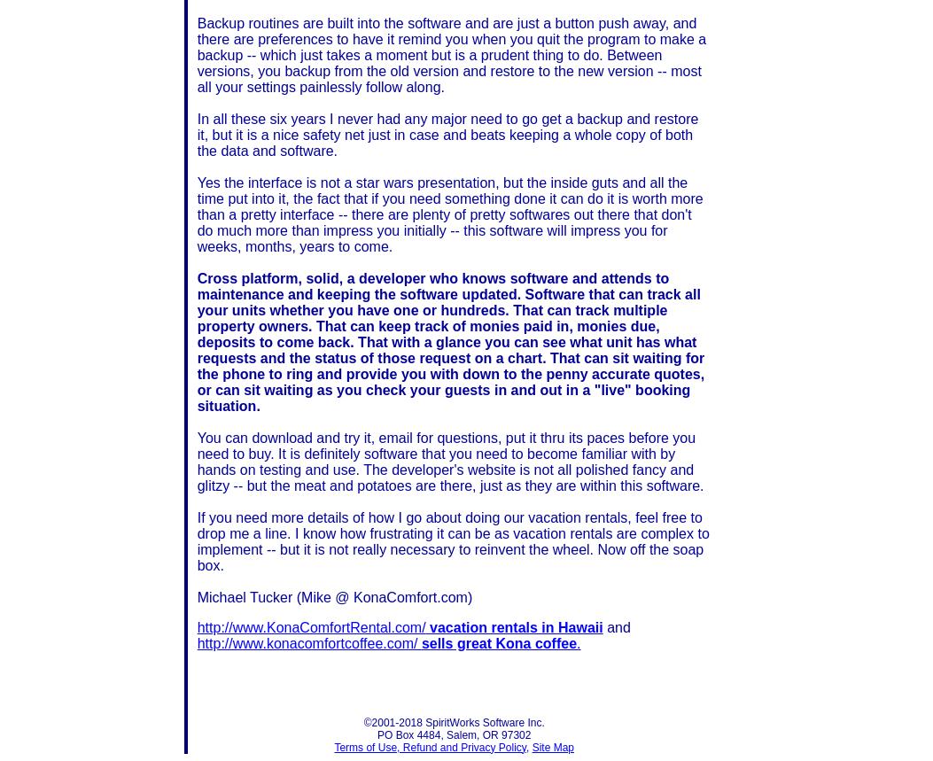 The image size is (933, 761). What do you see at coordinates (449, 213) in the screenshot?
I see `'Yes the interface is not a star wars presentation, but the inside guts and all the time put into it, the fact that if you need something done it can do it is worth more than a pretty interface -- there are plenty of pretty softwares out there that don't do much more than impress you initially -- this software will impress you for weeks, months, years to come.'` at bounding box center [449, 213].